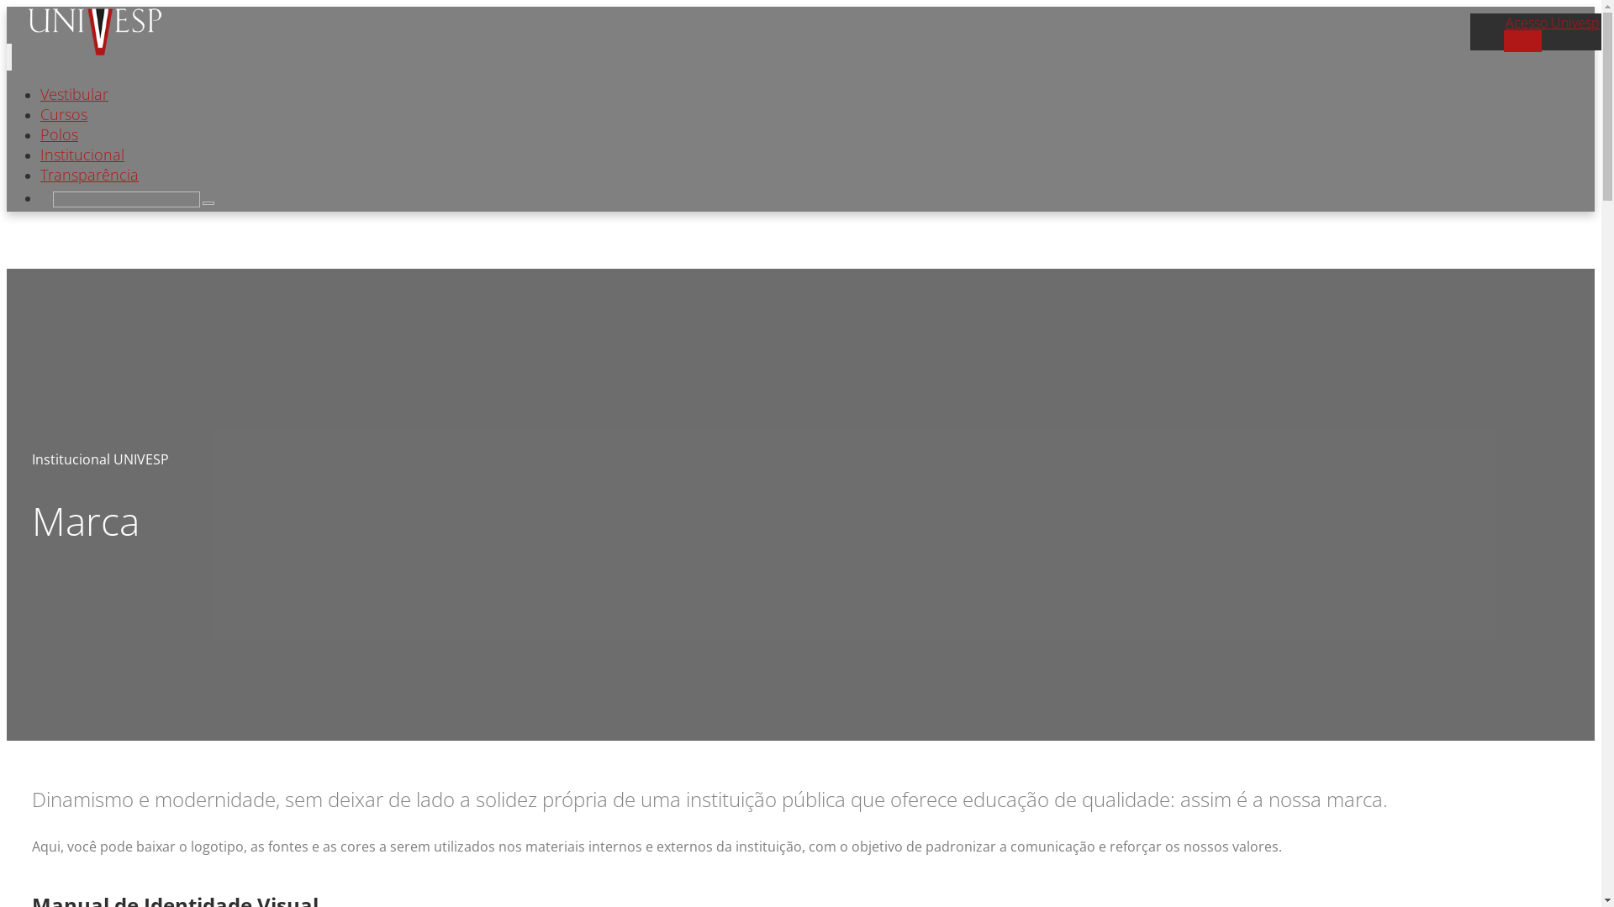  What do you see at coordinates (1552, 23) in the screenshot?
I see `'Acesso Univesp'` at bounding box center [1552, 23].